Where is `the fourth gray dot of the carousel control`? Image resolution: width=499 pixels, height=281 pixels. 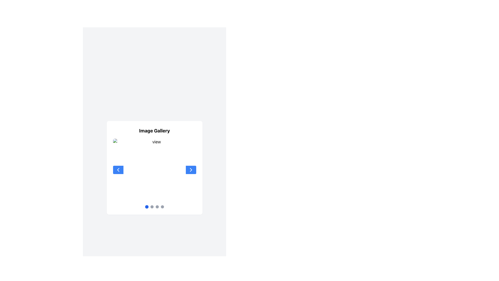 the fourth gray dot of the carousel control is located at coordinates (162, 206).